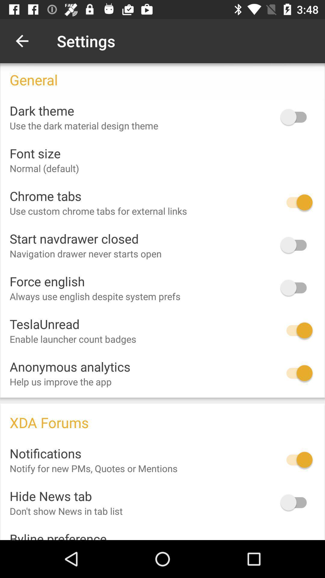  What do you see at coordinates (296, 373) in the screenshot?
I see `turn on analytics` at bounding box center [296, 373].